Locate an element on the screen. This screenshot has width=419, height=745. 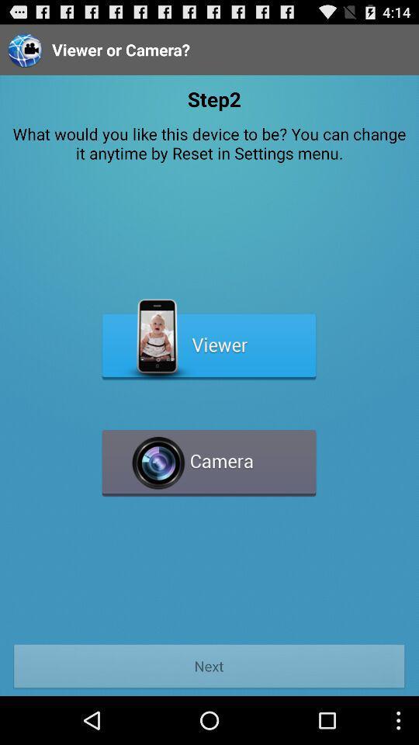
viewer is located at coordinates (209, 340).